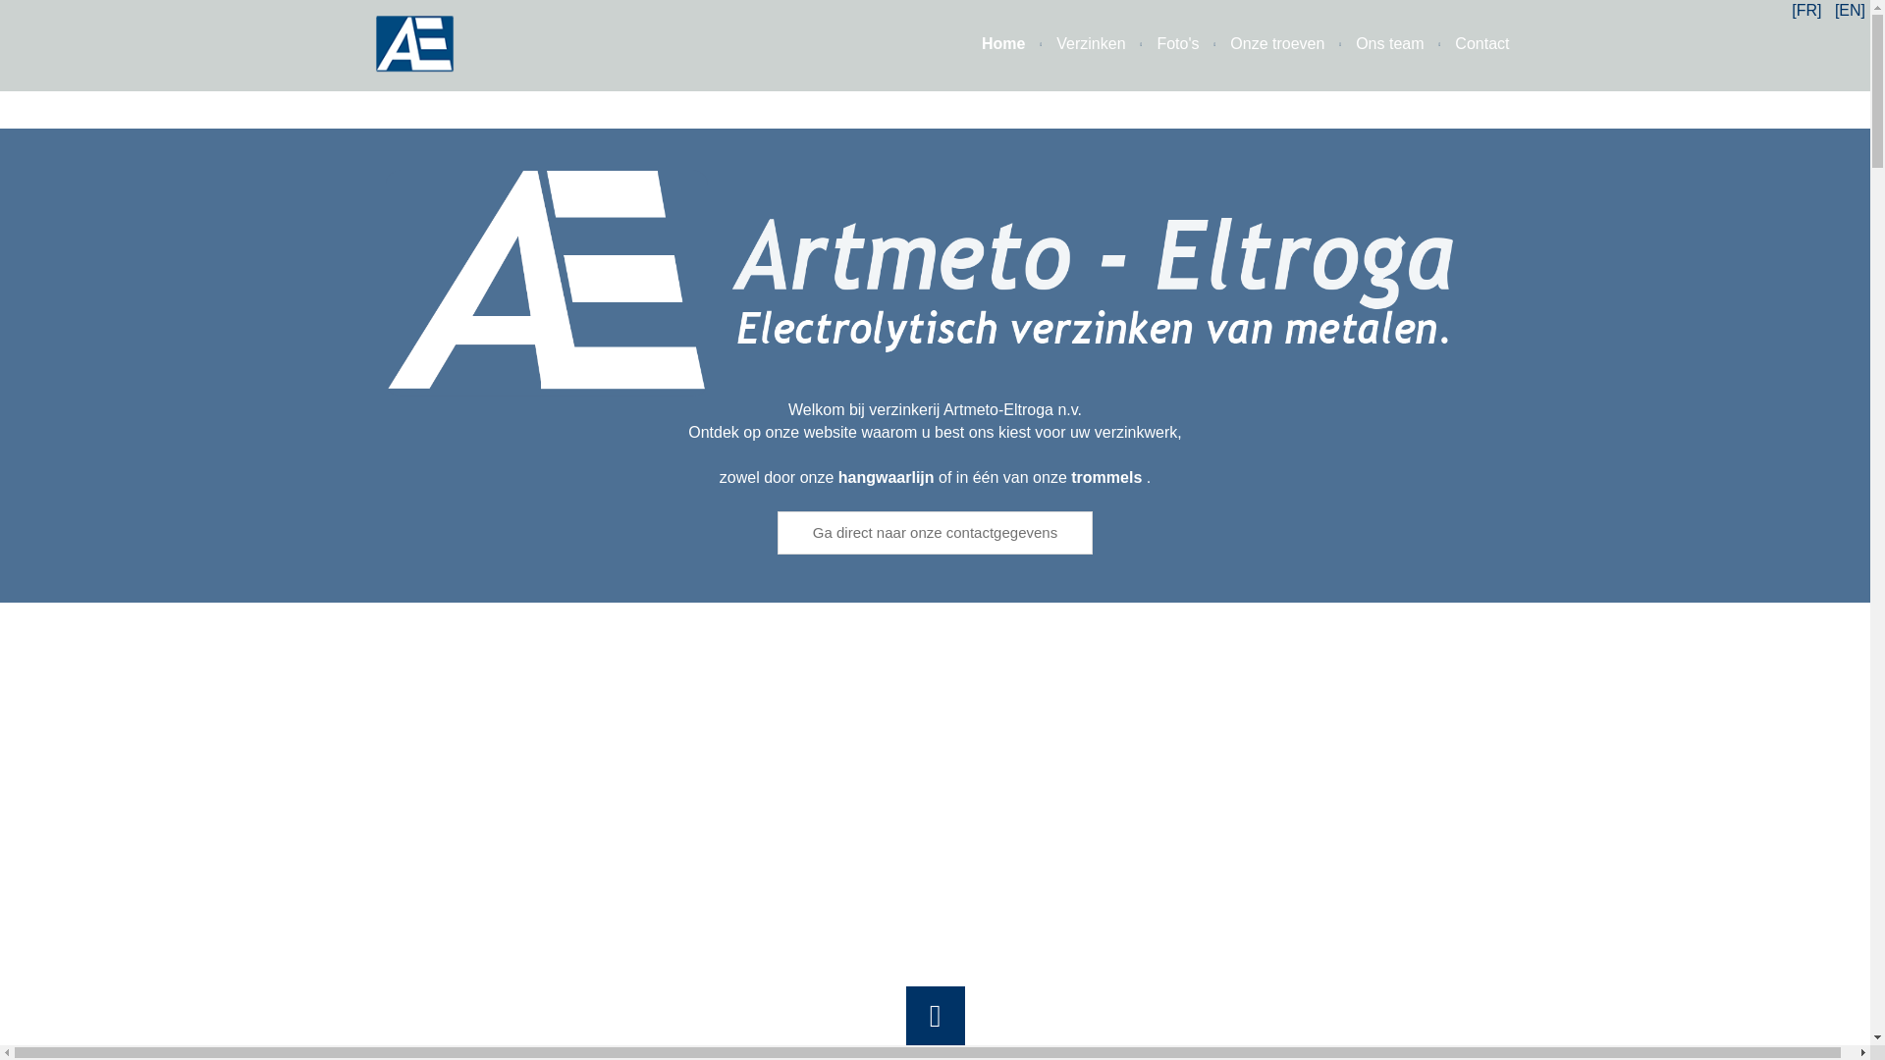 The image size is (1885, 1060). I want to click on '[EN]', so click(1849, 10).